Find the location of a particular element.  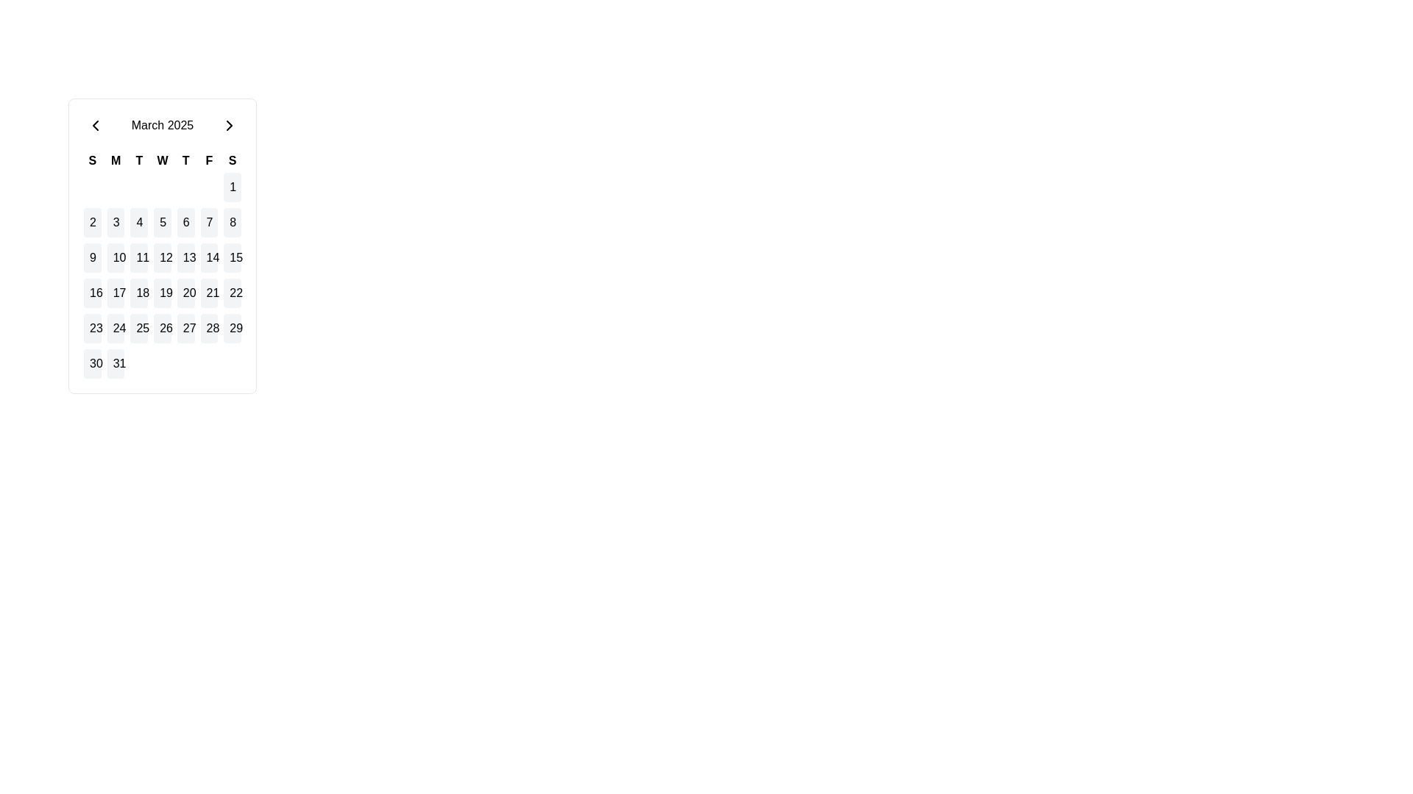

the selectable calendar date button for the date '13' located in the third week row and sixth column of the calendar grid is located at coordinates (185, 257).